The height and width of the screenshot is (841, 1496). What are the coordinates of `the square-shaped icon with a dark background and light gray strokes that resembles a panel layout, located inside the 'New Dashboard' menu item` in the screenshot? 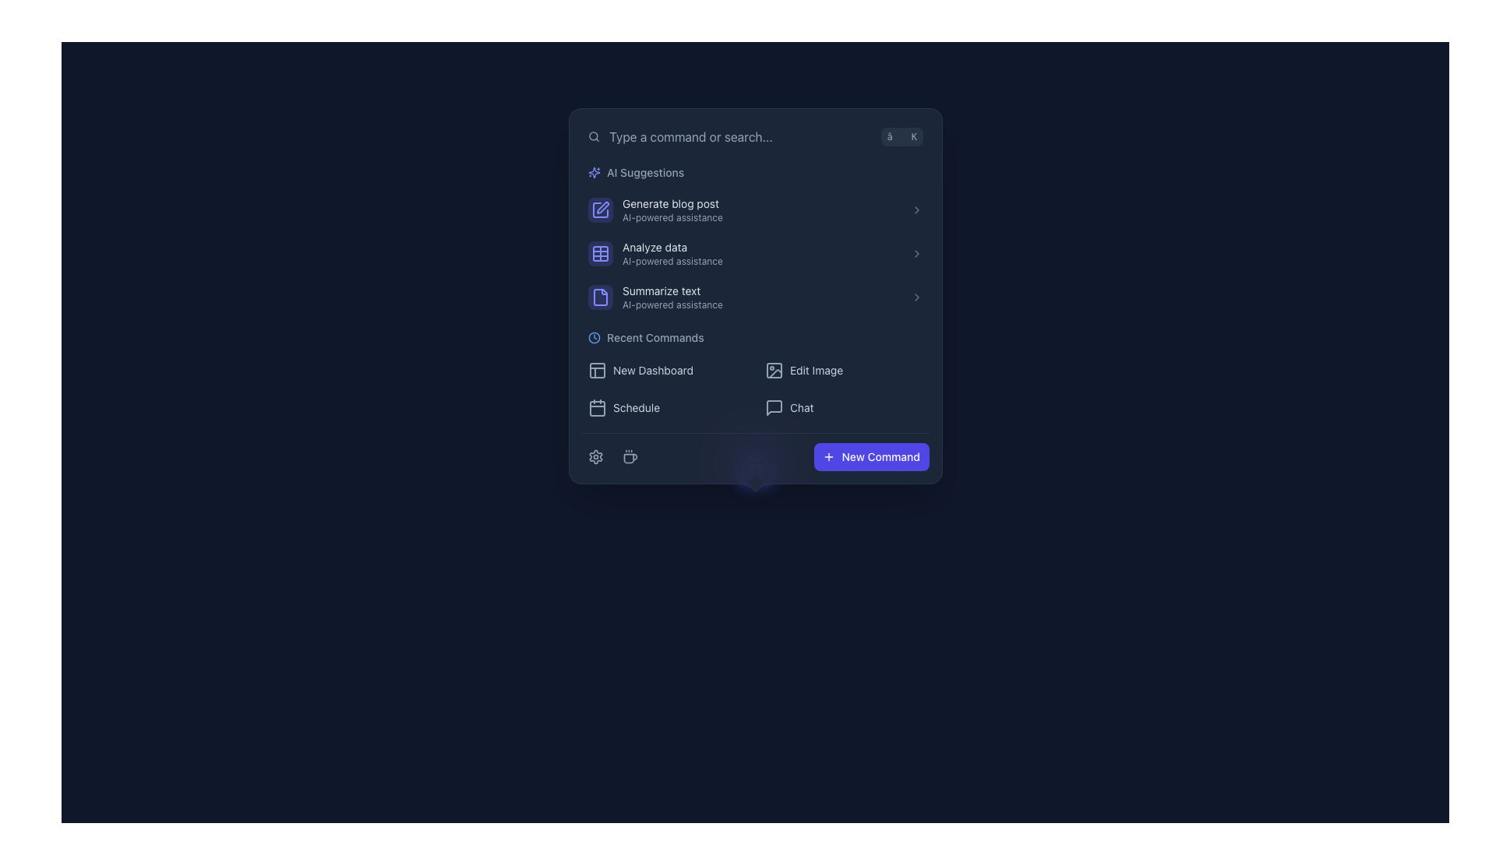 It's located at (596, 370).